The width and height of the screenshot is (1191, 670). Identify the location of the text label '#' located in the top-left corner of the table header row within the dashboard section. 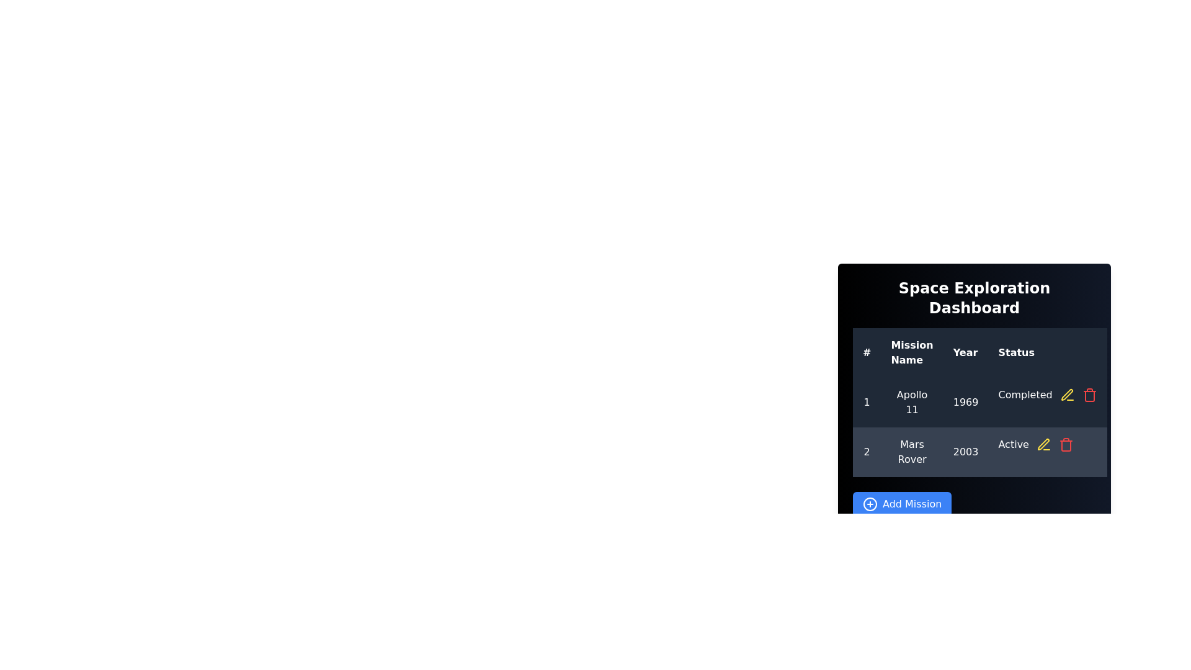
(866, 353).